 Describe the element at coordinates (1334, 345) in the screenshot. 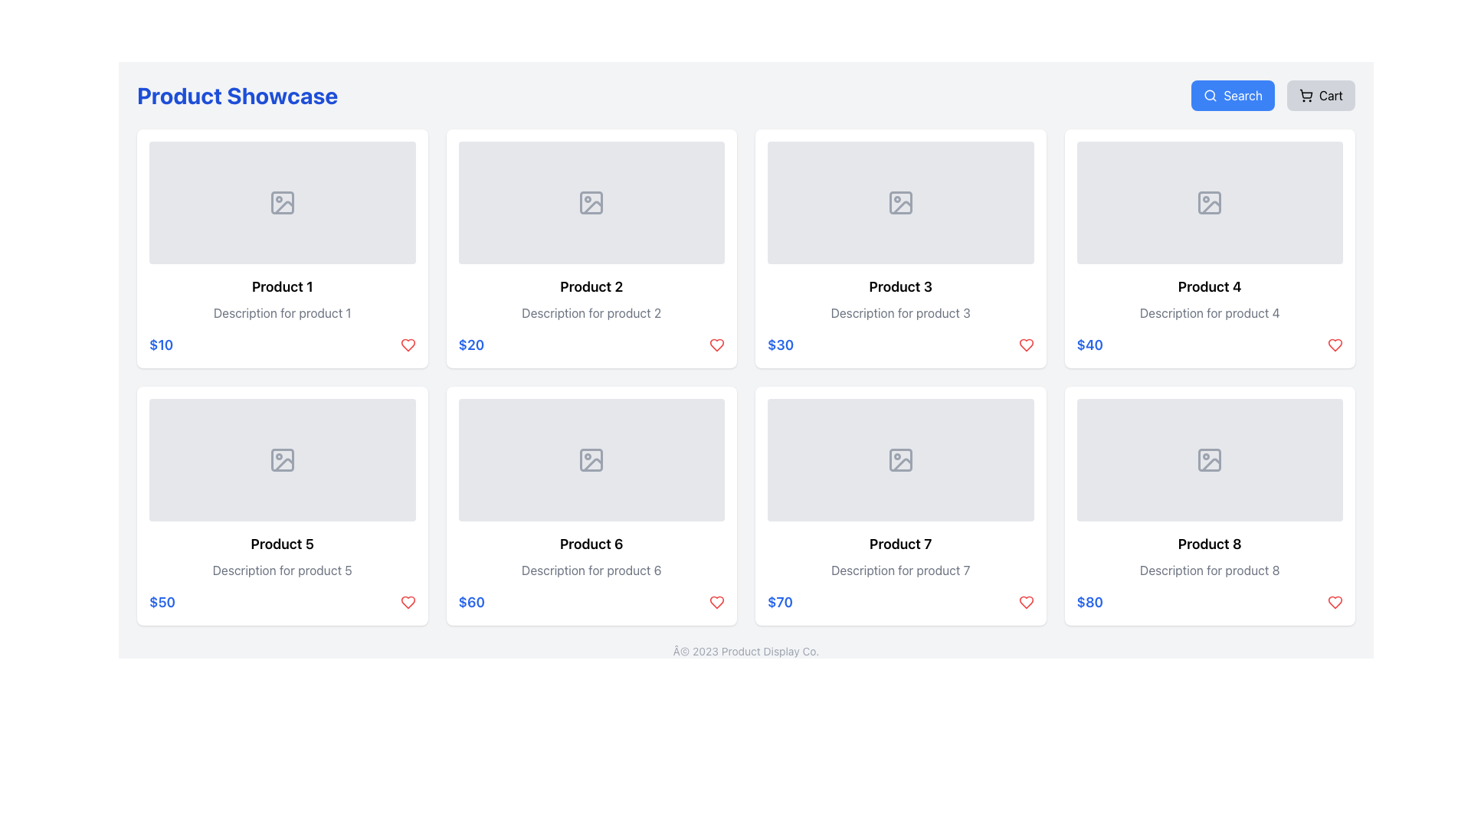

I see `the heart icon button located to the right of the price '$40' in the 'Product 4' card` at that location.